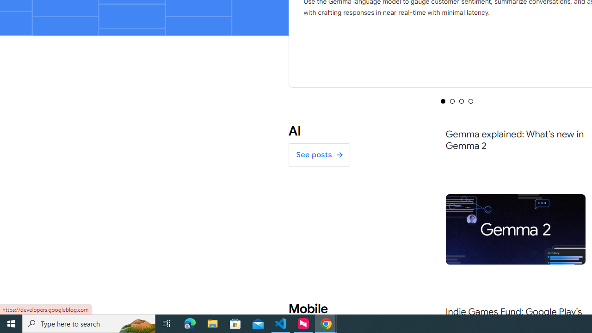 The width and height of the screenshot is (592, 333). I want to click on 'See posts', so click(319, 154).